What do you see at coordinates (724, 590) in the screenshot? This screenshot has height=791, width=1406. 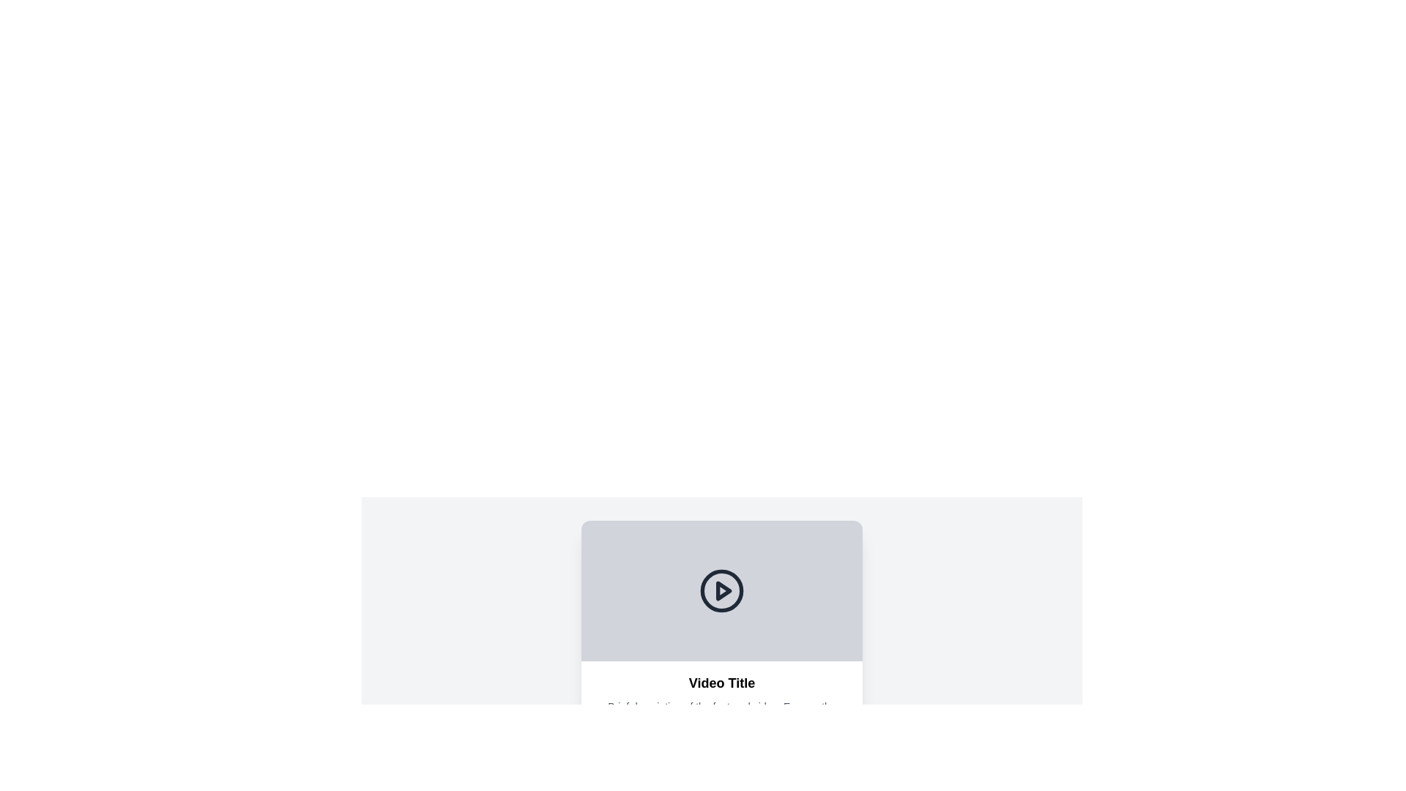 I see `the play icon, a triangular button indicating media playback, to initiate playback` at bounding box center [724, 590].